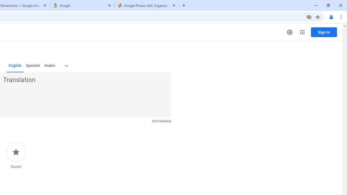 The width and height of the screenshot is (347, 195). Describe the element at coordinates (33, 66) in the screenshot. I see `'Spanish'` at that location.